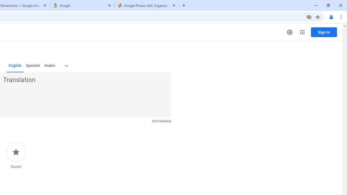 The width and height of the screenshot is (347, 195). Describe the element at coordinates (33, 66) in the screenshot. I see `'Spanish'` at that location.